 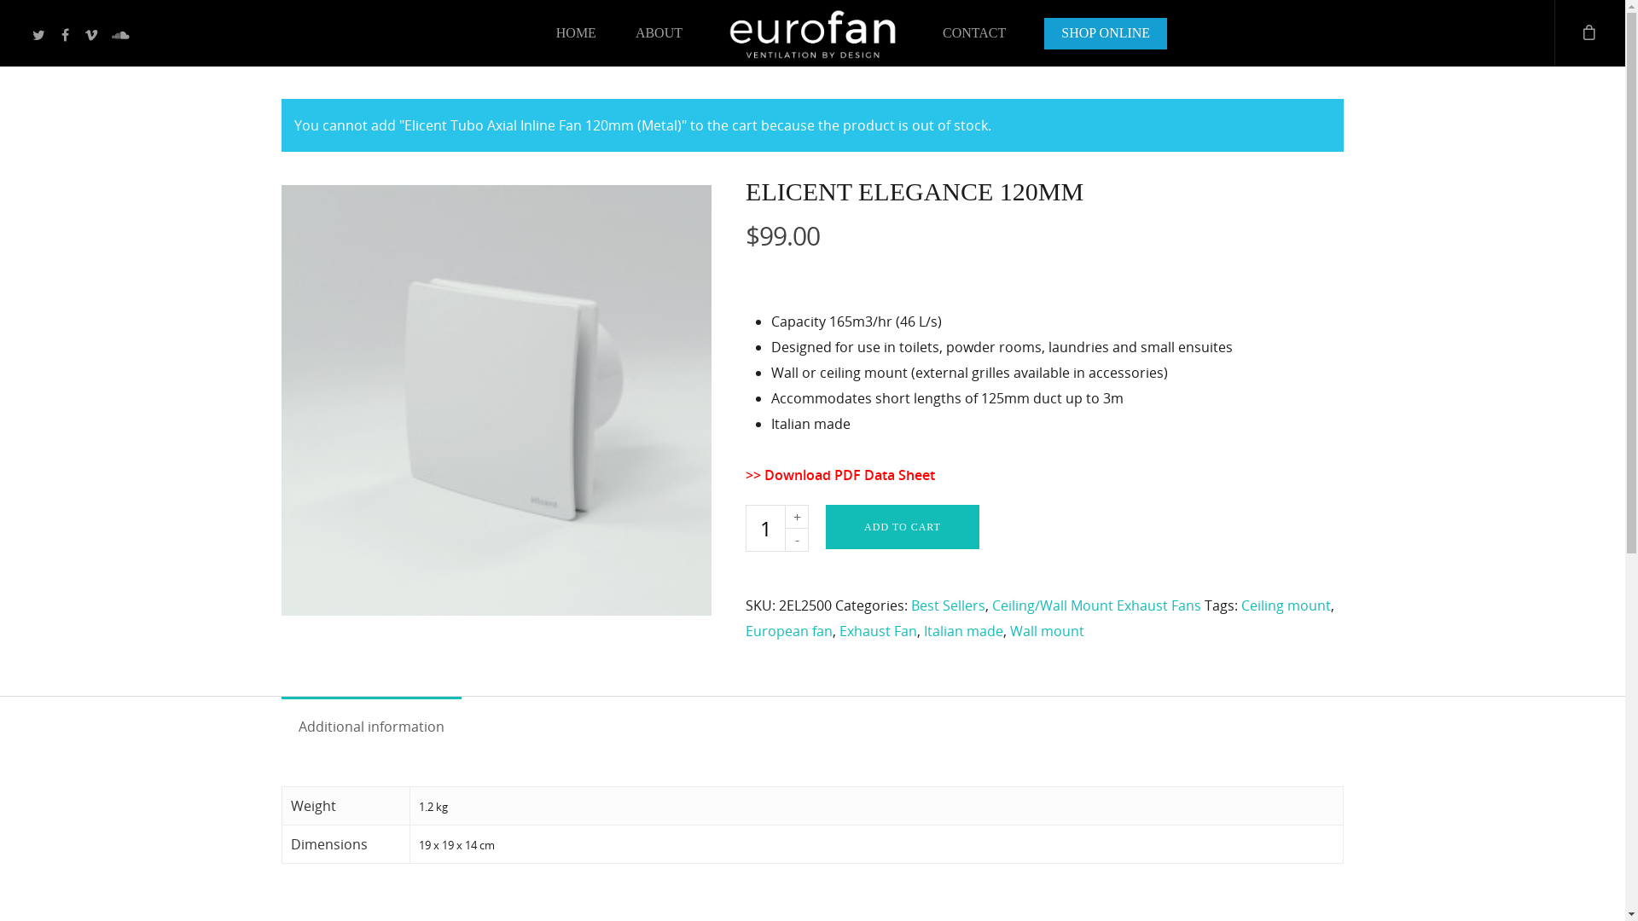 What do you see at coordinates (901, 525) in the screenshot?
I see `'ADD TO CART'` at bounding box center [901, 525].